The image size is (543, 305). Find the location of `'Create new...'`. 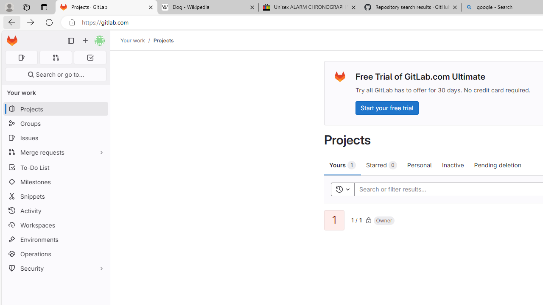

'Create new...' is located at coordinates (85, 41).